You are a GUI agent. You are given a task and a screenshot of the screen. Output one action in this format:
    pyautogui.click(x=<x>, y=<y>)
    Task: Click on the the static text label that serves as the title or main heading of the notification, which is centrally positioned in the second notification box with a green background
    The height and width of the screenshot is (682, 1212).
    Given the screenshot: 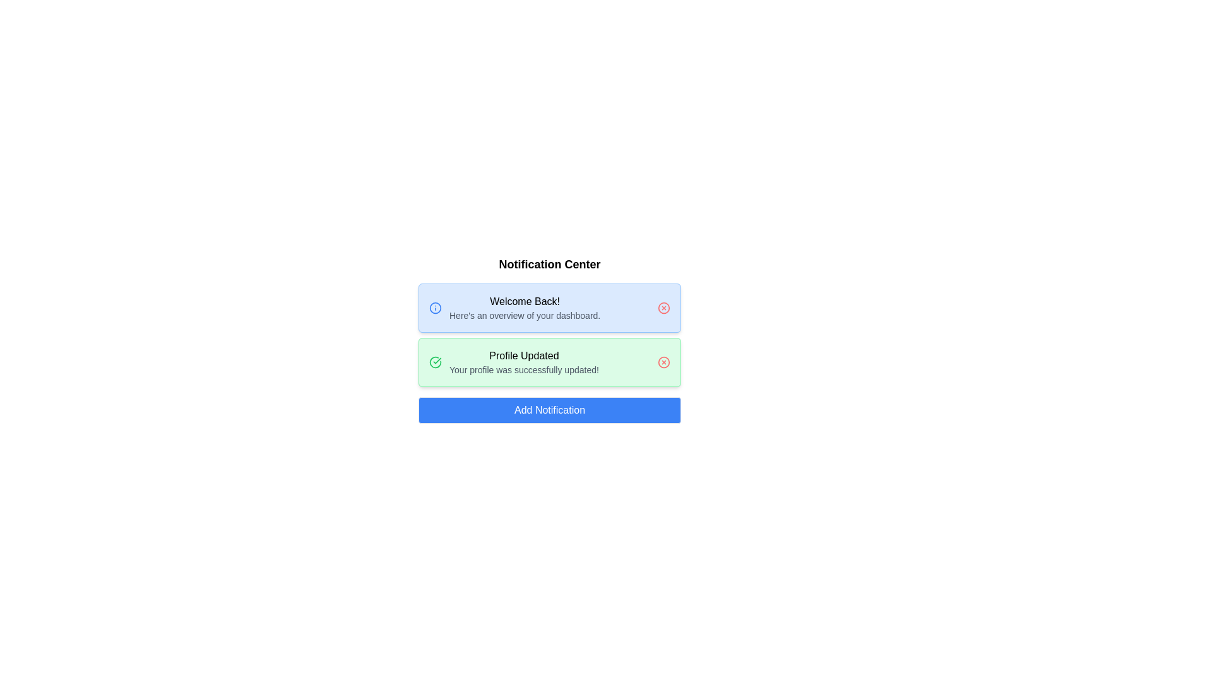 What is the action you would take?
    pyautogui.click(x=524, y=356)
    